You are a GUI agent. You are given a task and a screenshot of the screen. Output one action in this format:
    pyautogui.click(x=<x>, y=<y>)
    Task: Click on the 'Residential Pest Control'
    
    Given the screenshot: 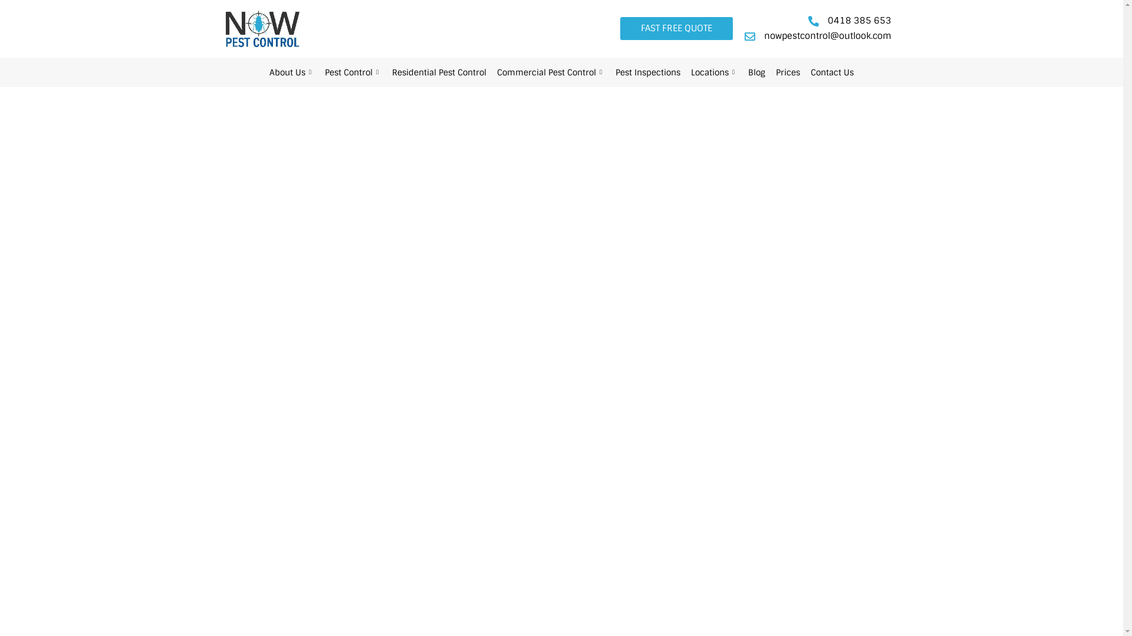 What is the action you would take?
    pyautogui.click(x=438, y=72)
    